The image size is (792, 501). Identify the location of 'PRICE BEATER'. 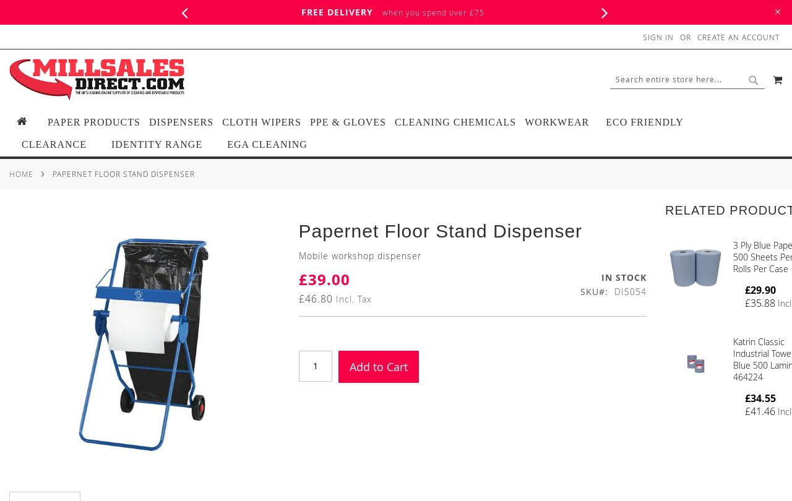
(706, 12).